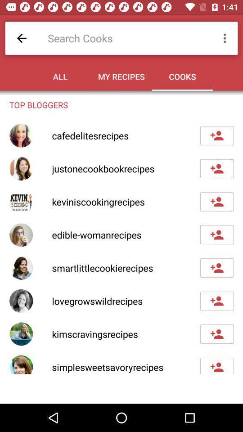 Image resolution: width=243 pixels, height=432 pixels. I want to click on type cook name, so click(126, 38).